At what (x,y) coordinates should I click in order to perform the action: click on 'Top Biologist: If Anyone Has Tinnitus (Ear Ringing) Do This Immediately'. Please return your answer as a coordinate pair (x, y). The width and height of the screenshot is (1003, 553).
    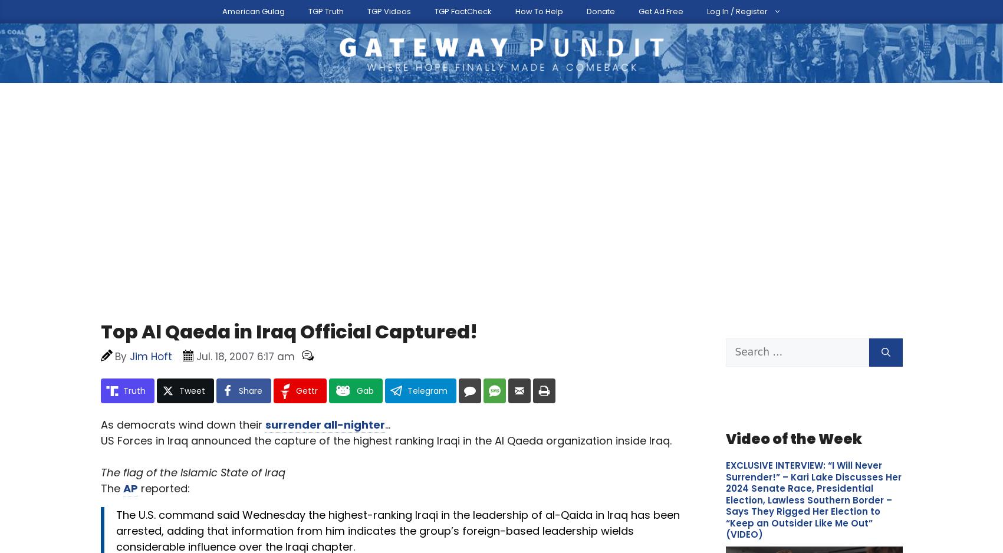
    Looking at the image, I should click on (725, 465).